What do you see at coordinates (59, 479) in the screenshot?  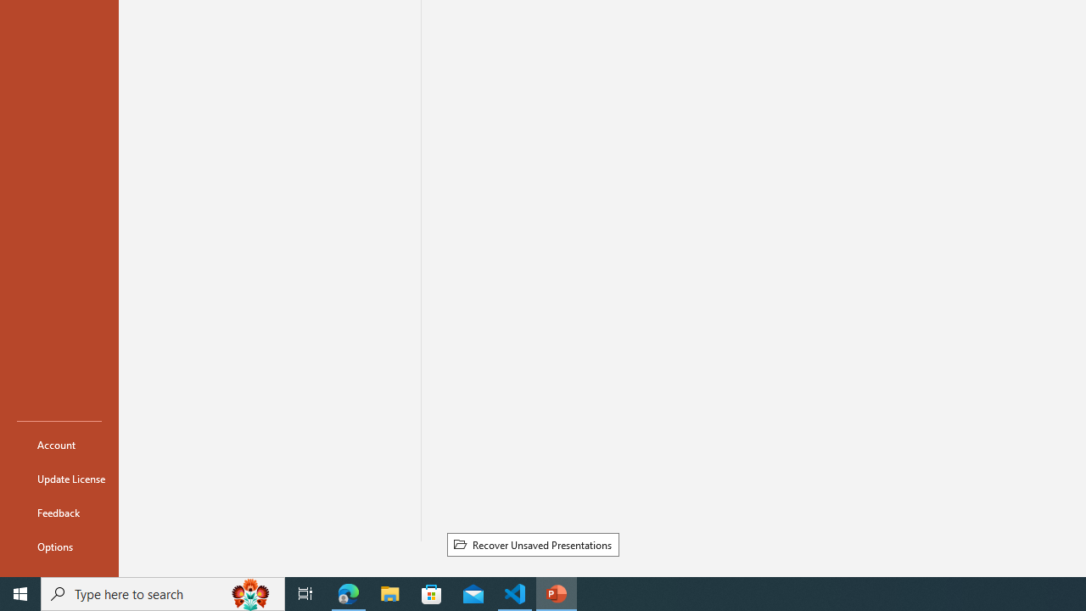 I see `'Update License'` at bounding box center [59, 479].